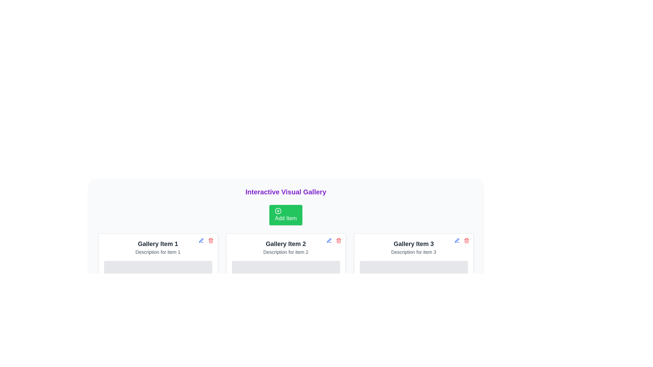 The height and width of the screenshot is (367, 653). What do you see at coordinates (157, 271) in the screenshot?
I see `the first gallery card located` at bounding box center [157, 271].